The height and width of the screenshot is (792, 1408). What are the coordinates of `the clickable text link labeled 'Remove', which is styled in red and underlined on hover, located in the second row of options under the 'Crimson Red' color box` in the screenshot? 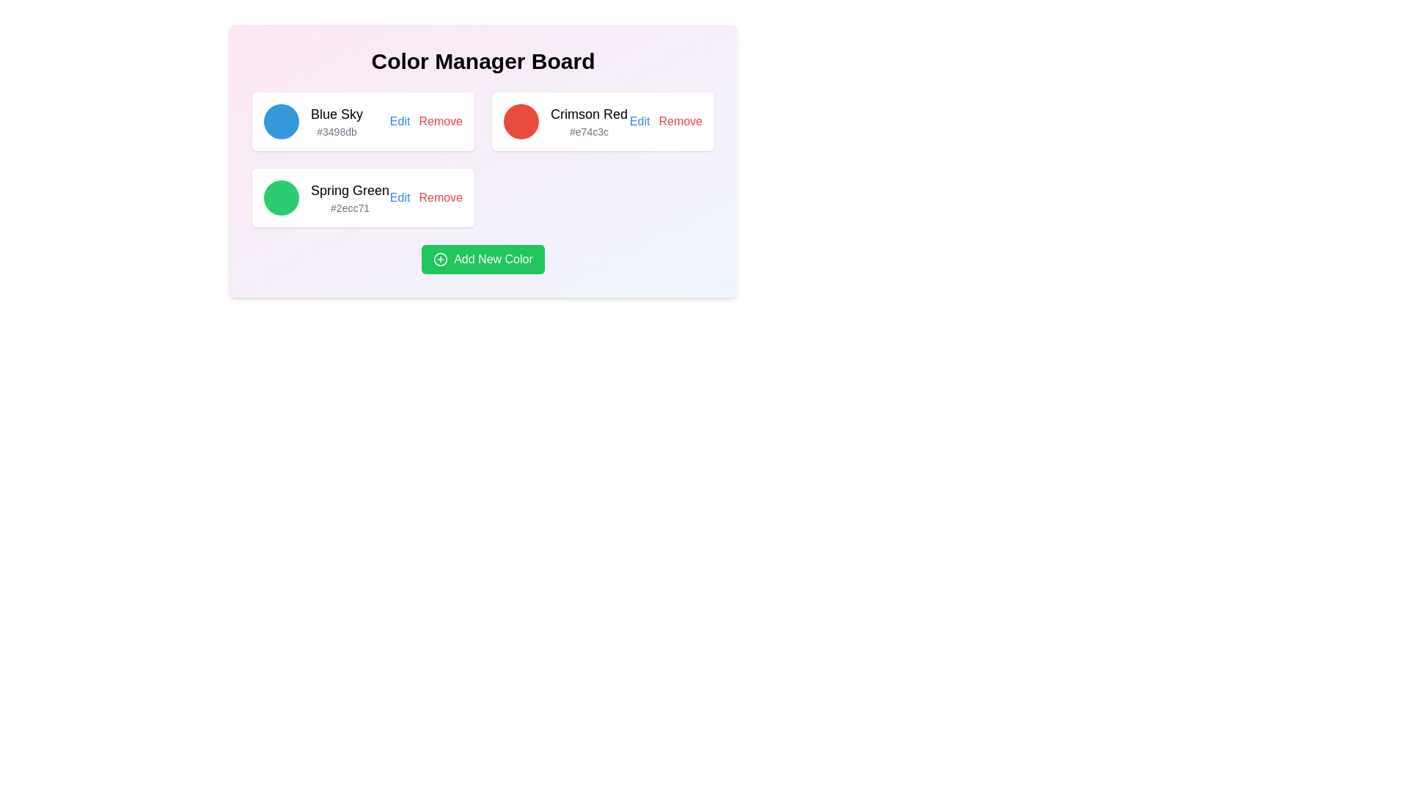 It's located at (680, 120).